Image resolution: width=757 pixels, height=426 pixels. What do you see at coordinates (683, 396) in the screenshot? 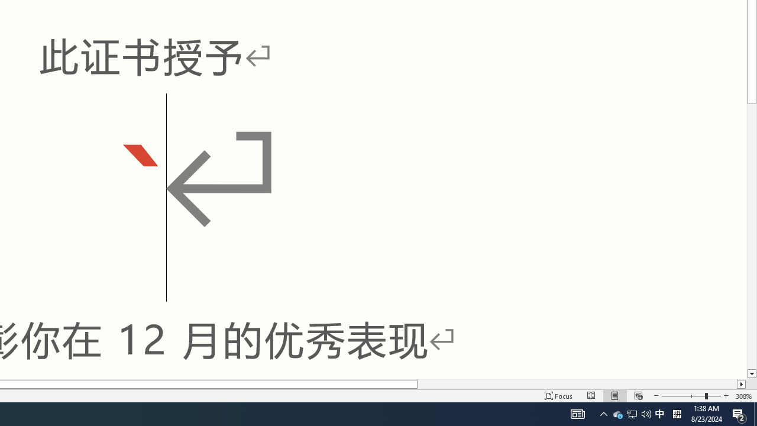
I see `'Zoom Out'` at bounding box center [683, 396].